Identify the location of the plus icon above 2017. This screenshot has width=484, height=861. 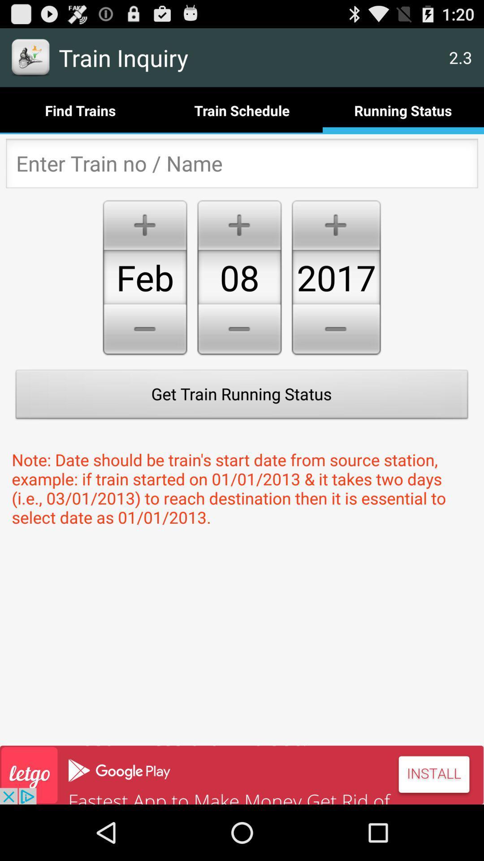
(336, 224).